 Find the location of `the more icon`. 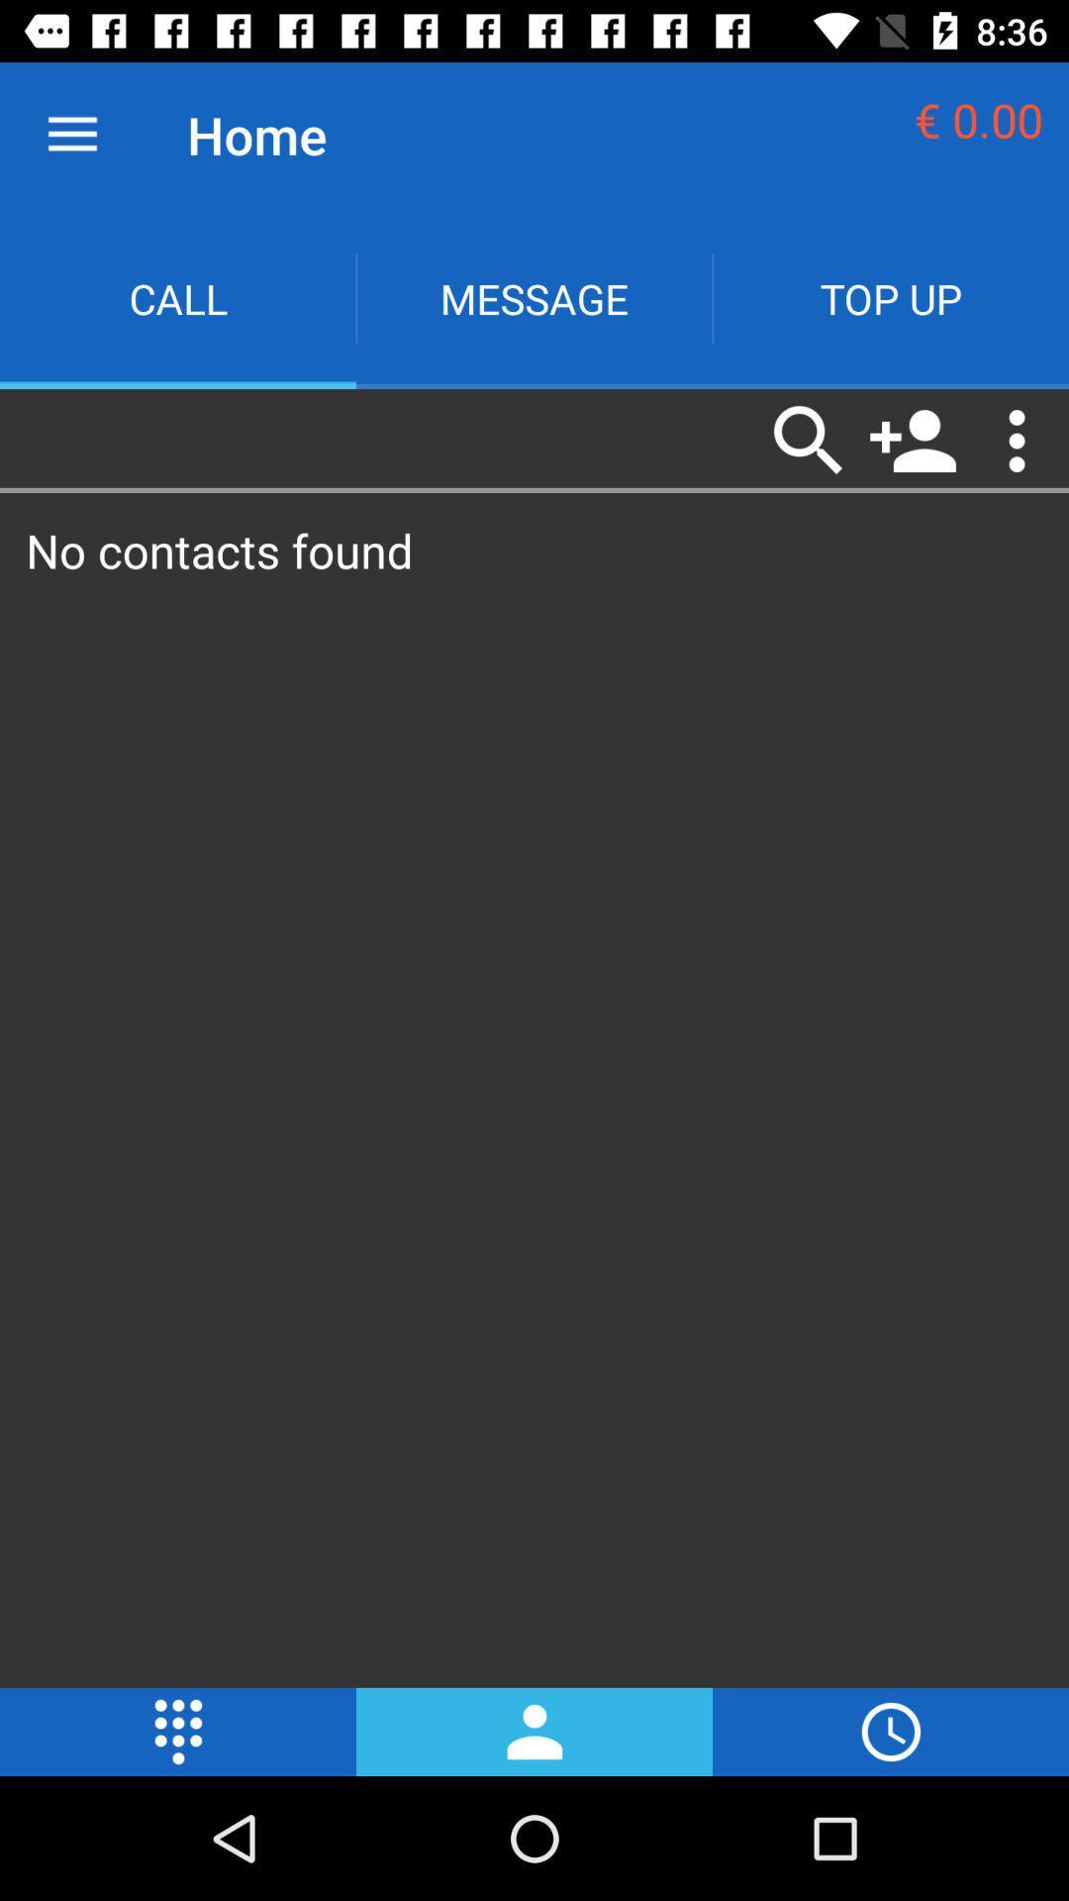

the more icon is located at coordinates (178, 1731).